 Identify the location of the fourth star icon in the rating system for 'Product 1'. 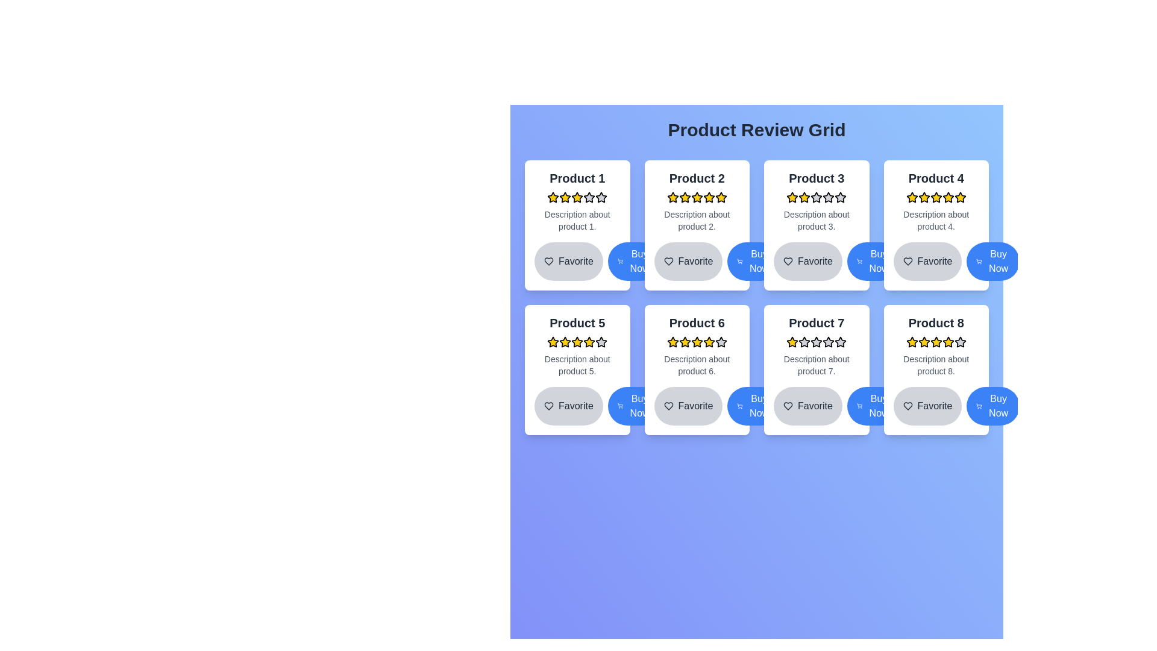
(601, 197).